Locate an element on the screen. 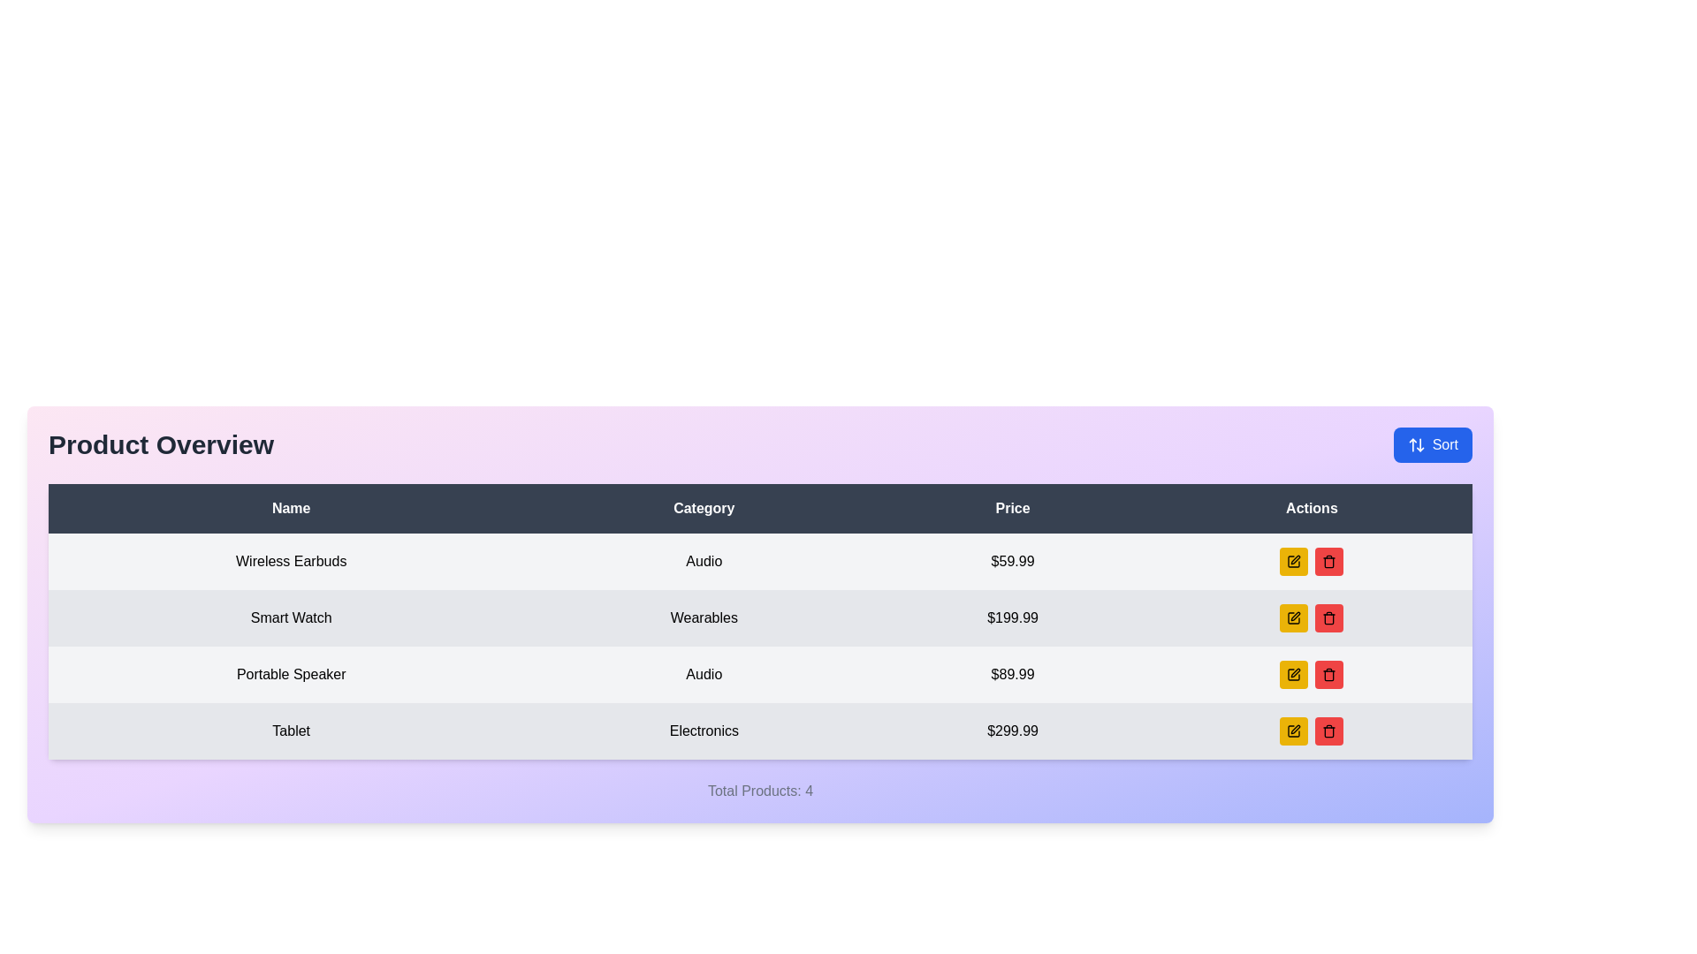 This screenshot has height=954, width=1697. the trash bin icon button located in the third row under the 'Actions' column of the table is located at coordinates (1329, 562).